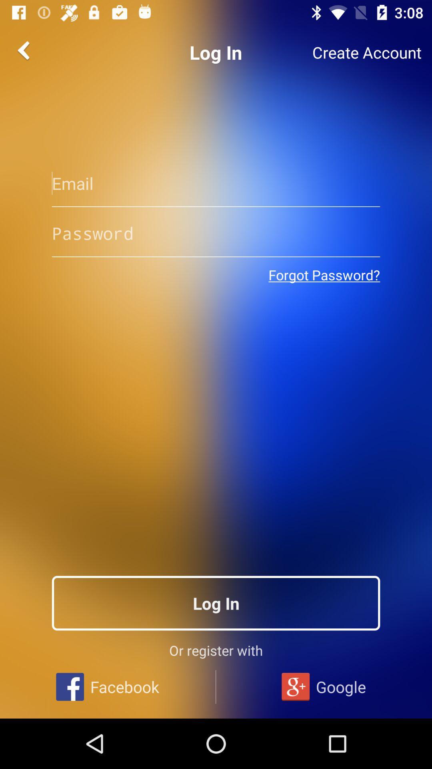 The width and height of the screenshot is (432, 769). What do you see at coordinates (216, 183) in the screenshot?
I see `input email address` at bounding box center [216, 183].